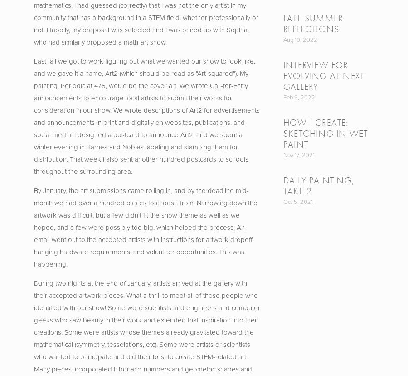  I want to click on 'Feb 6, 2022', so click(299, 97).